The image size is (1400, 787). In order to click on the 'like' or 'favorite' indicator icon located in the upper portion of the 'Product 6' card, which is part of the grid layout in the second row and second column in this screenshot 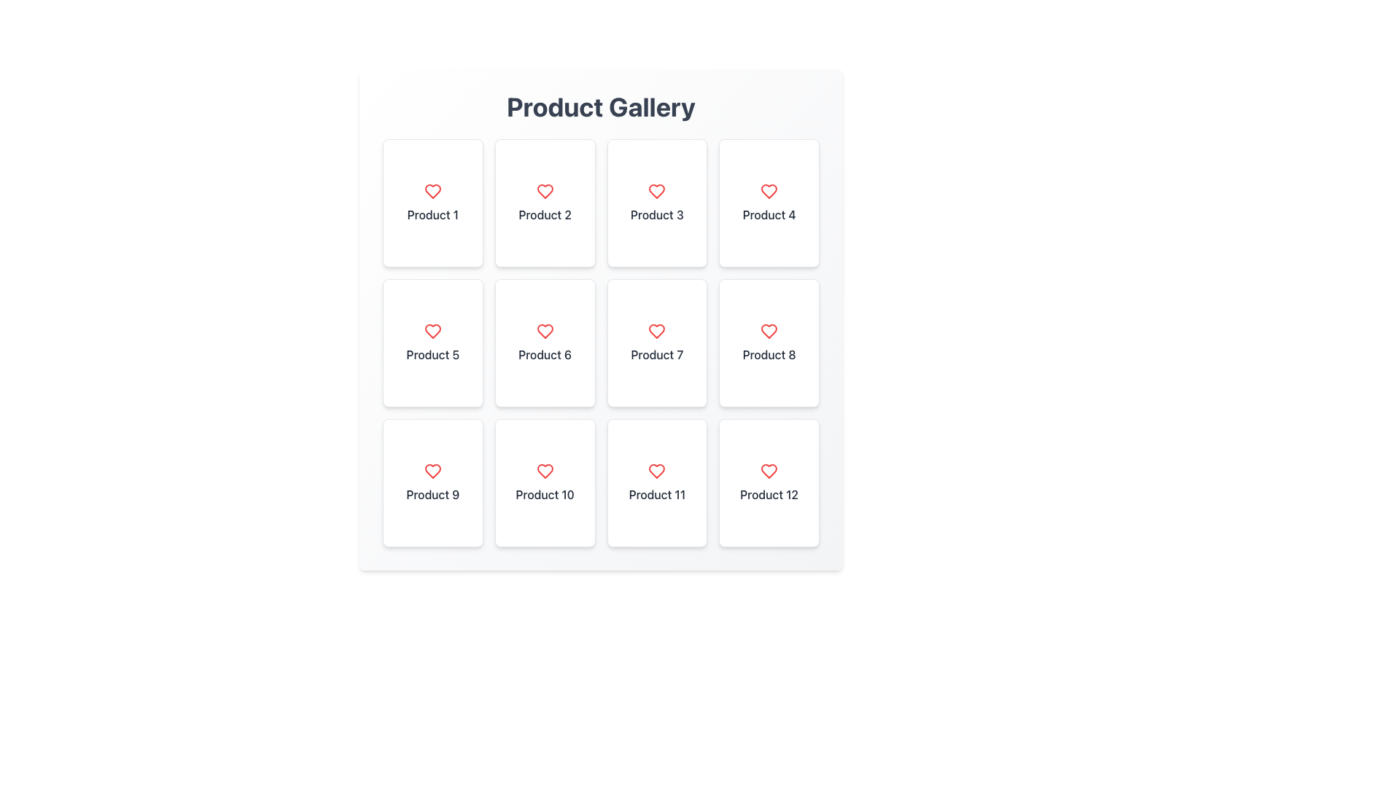, I will do `click(544, 332)`.